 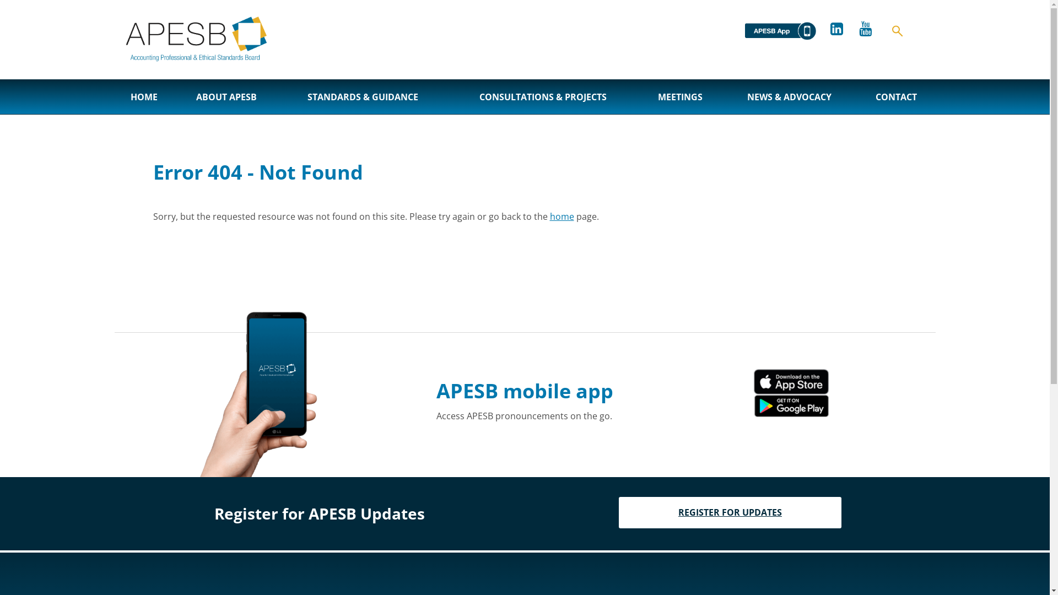 What do you see at coordinates (114, 96) in the screenshot?
I see `'HOME'` at bounding box center [114, 96].